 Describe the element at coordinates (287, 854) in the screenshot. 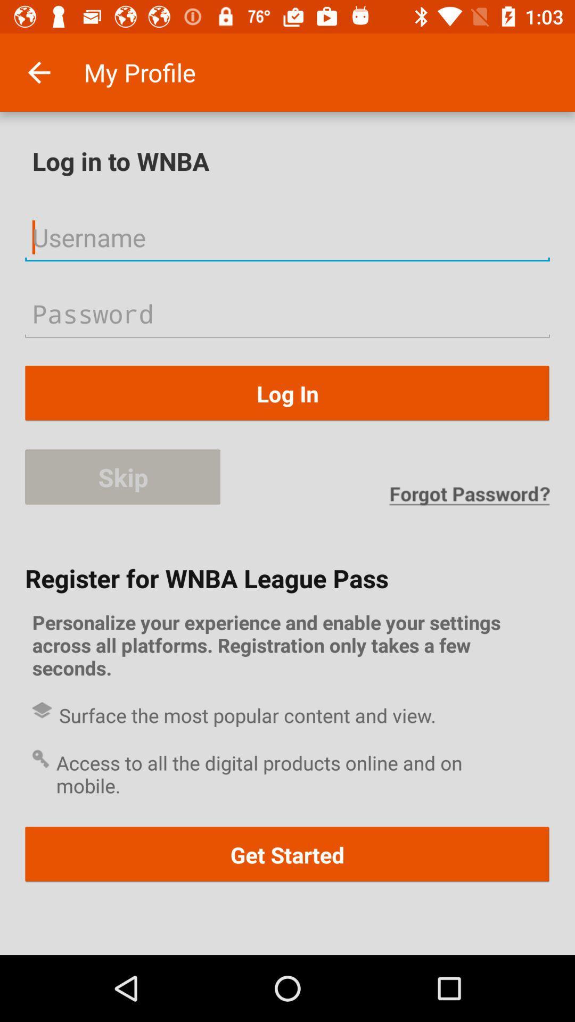

I see `item below the access to all` at that location.